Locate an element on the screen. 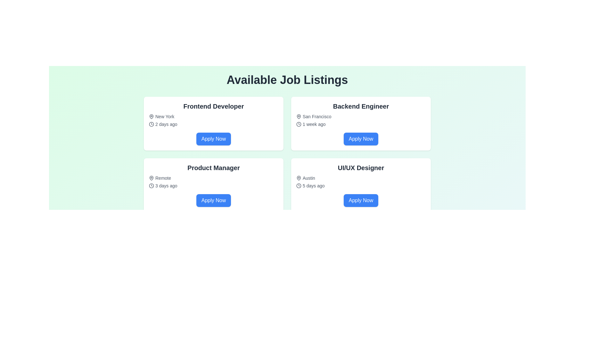 The image size is (615, 346). the small pin-shaped geographical marker icon located to the left of the 'New York' text in the job listing for 'Frontend Developer' is located at coordinates (151, 116).